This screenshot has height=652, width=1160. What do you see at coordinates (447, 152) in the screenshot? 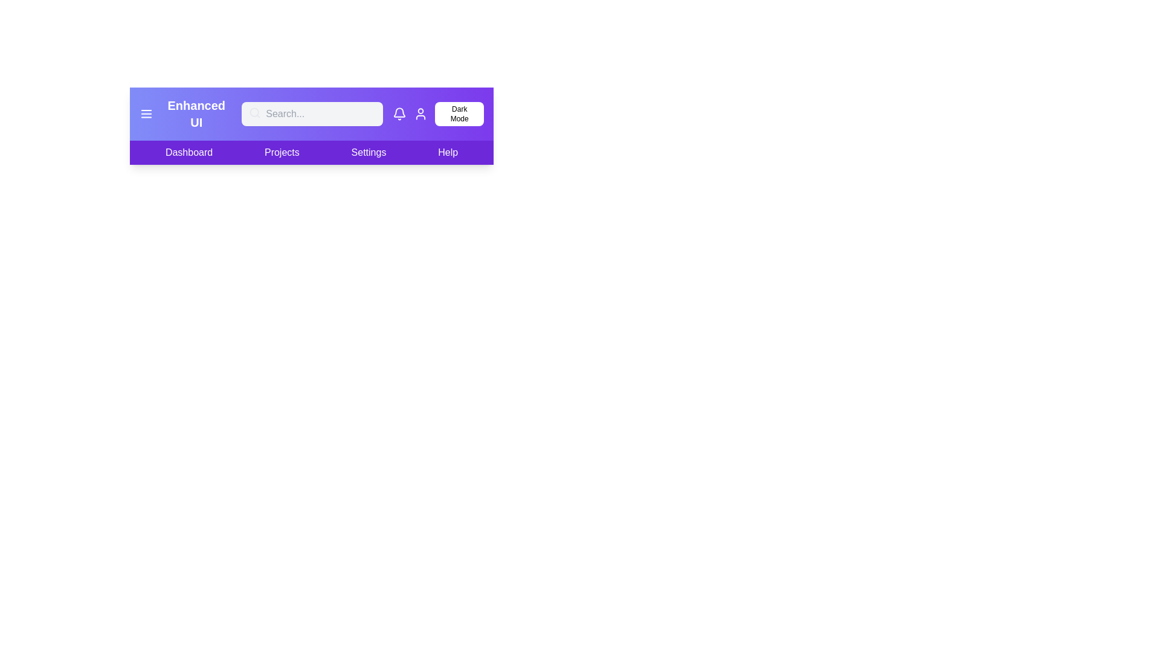
I see `the 'Help' section in the navigation bar` at bounding box center [447, 152].